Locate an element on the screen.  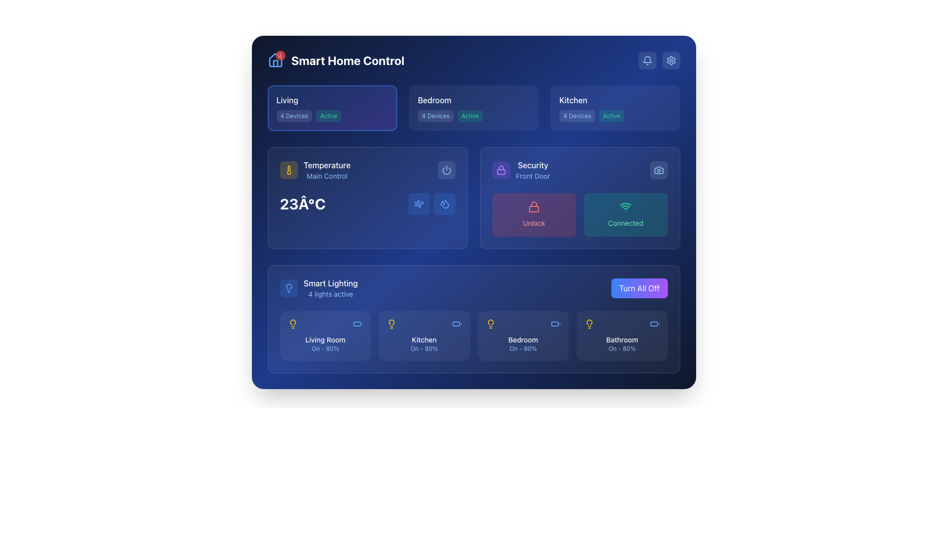
the modern outline styled yellow thermometer icon located in the top-left area of the 'Temperature' section in the 'Main Control' card is located at coordinates (288, 170).